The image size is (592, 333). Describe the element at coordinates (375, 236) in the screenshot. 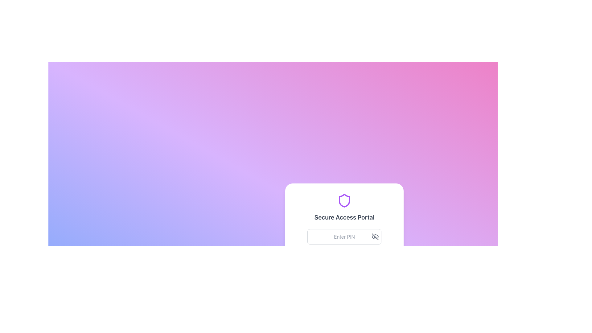

I see `the visibility toggle button represented by an eye icon with a slash through it, which is styled in gray and positioned to the right of the PIN input field` at that location.